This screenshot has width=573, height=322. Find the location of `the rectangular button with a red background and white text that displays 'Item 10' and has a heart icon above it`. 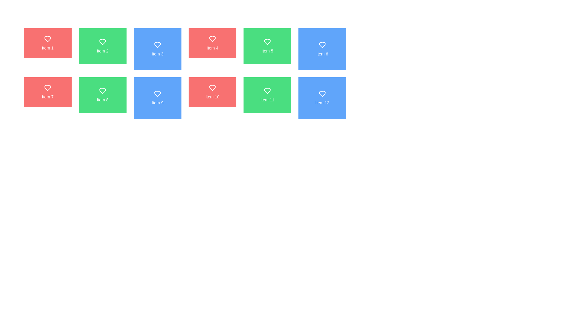

the rectangular button with a red background and white text that displays 'Item 10' and has a heart icon above it is located at coordinates (212, 92).